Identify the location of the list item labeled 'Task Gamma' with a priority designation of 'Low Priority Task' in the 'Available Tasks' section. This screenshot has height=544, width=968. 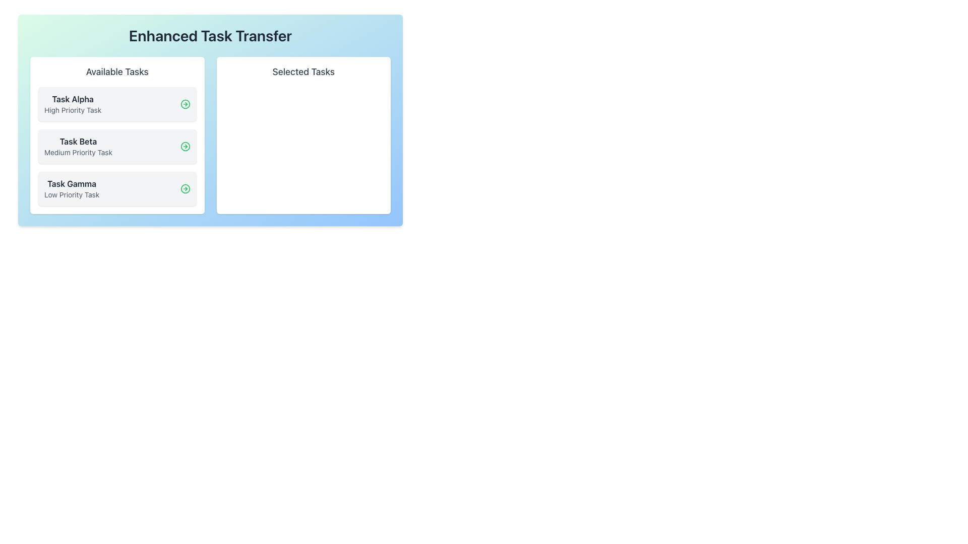
(71, 188).